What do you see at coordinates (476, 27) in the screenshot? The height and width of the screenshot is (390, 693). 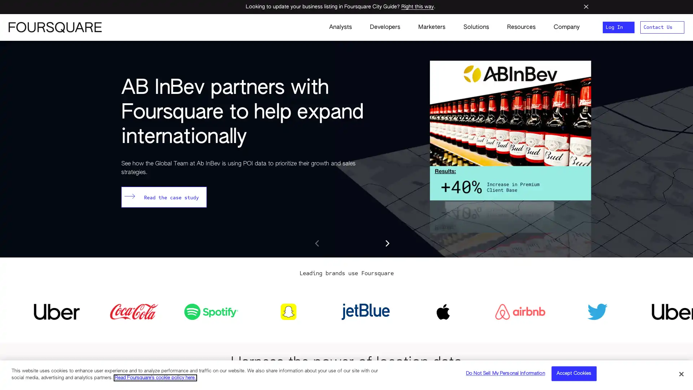 I see `Solutions` at bounding box center [476, 27].